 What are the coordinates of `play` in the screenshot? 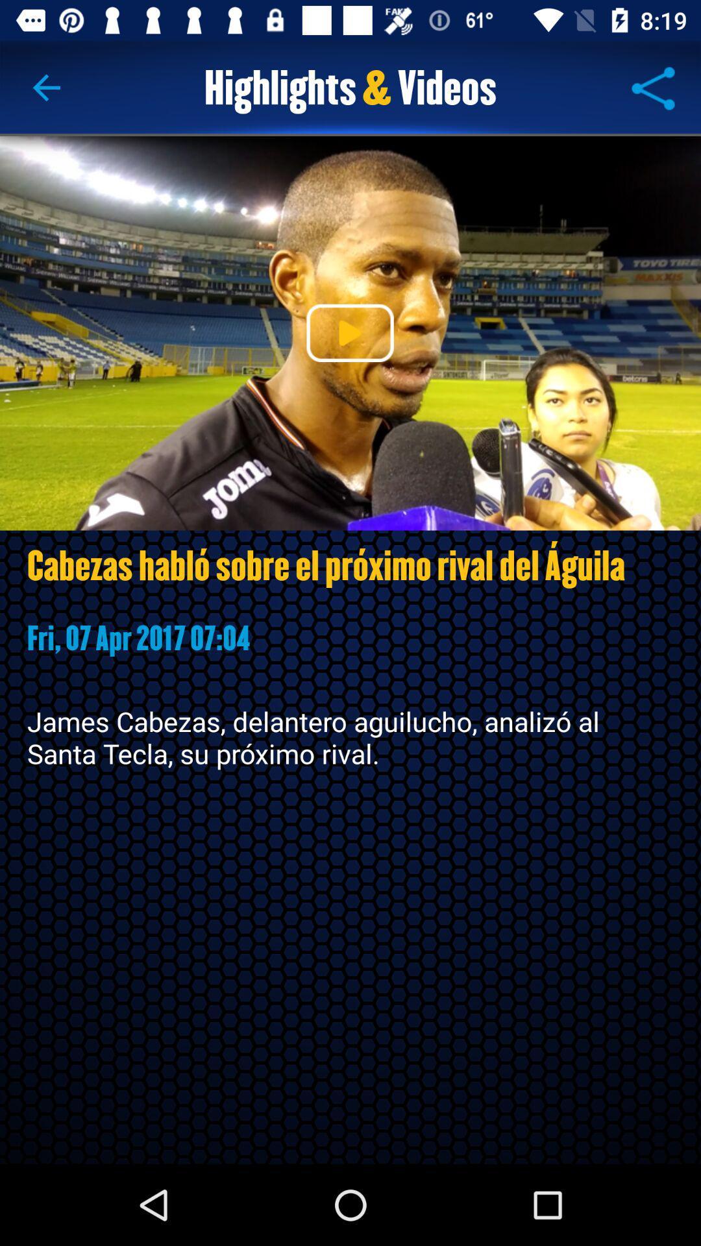 It's located at (349, 333).